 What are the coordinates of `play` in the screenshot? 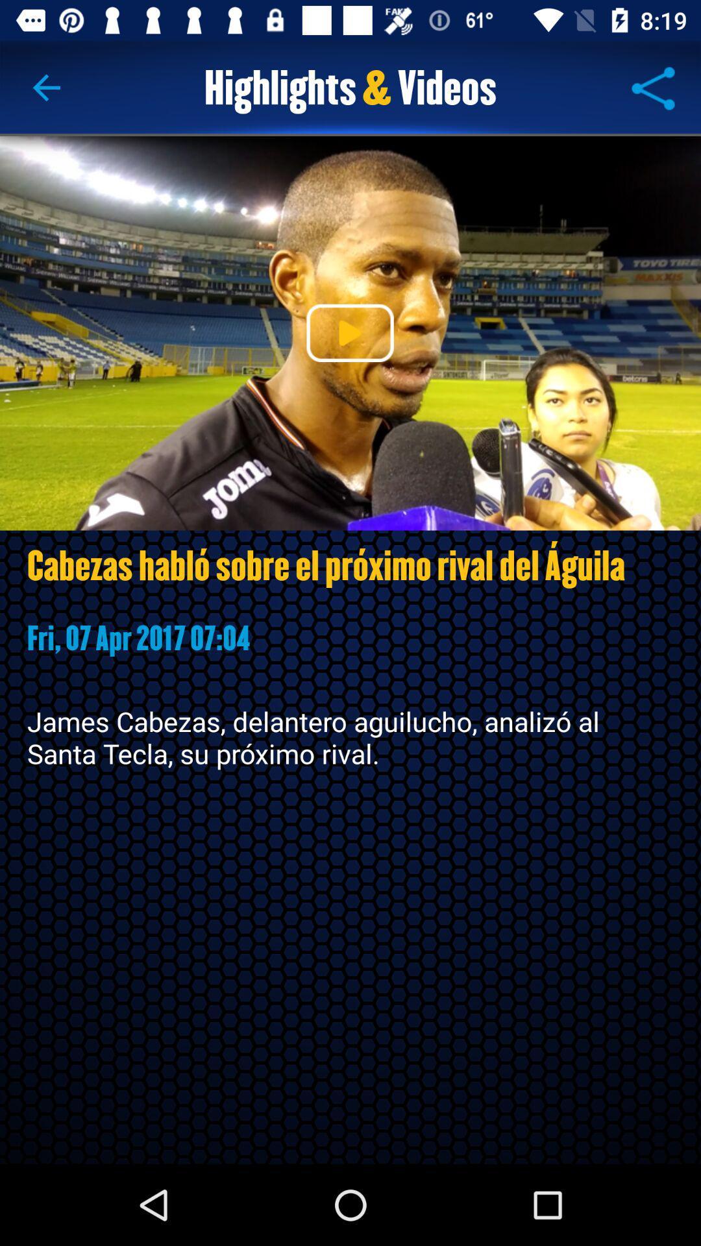 It's located at (349, 333).